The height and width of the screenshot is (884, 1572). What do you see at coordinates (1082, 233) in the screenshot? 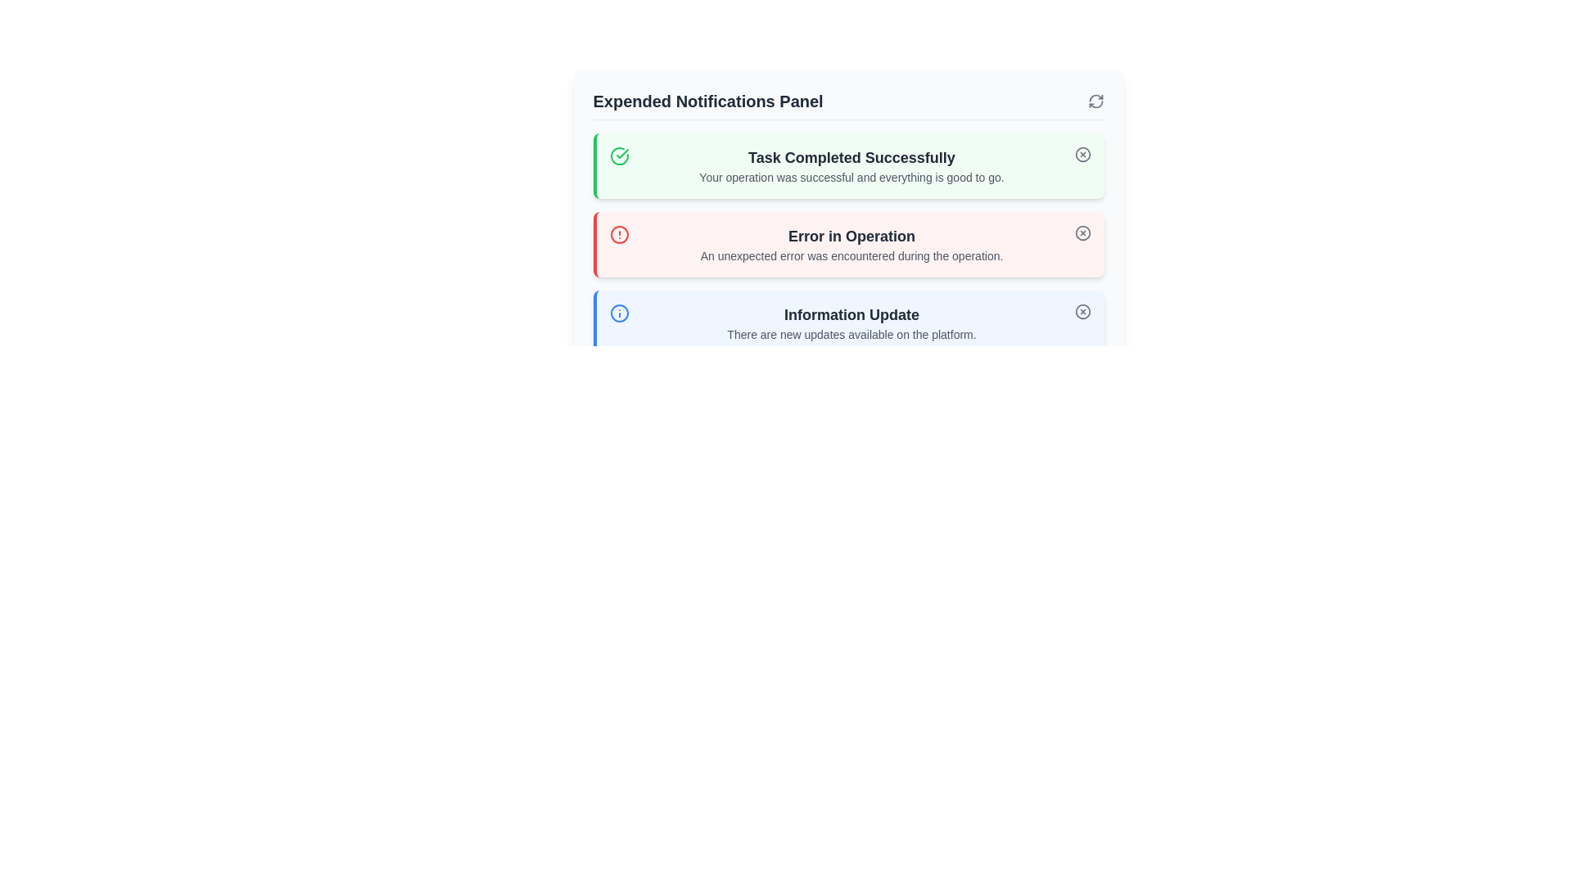
I see `the Close icon button located at the top-right corner of the 'Error in Operation' notification box` at bounding box center [1082, 233].